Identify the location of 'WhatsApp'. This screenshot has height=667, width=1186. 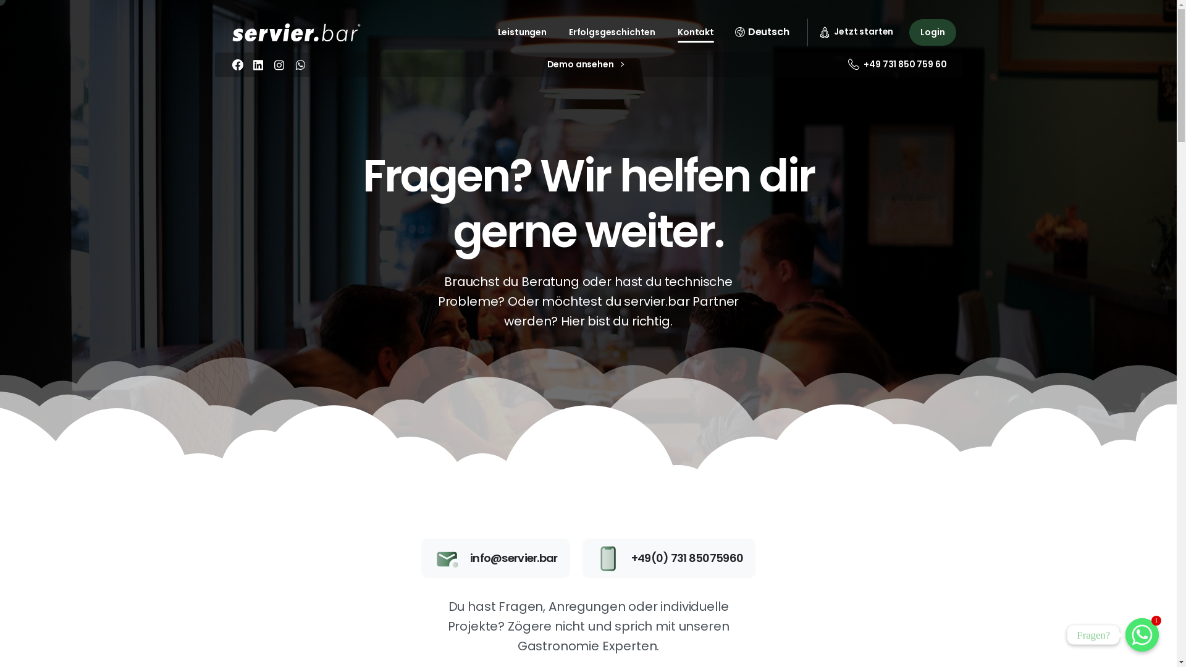
(300, 64).